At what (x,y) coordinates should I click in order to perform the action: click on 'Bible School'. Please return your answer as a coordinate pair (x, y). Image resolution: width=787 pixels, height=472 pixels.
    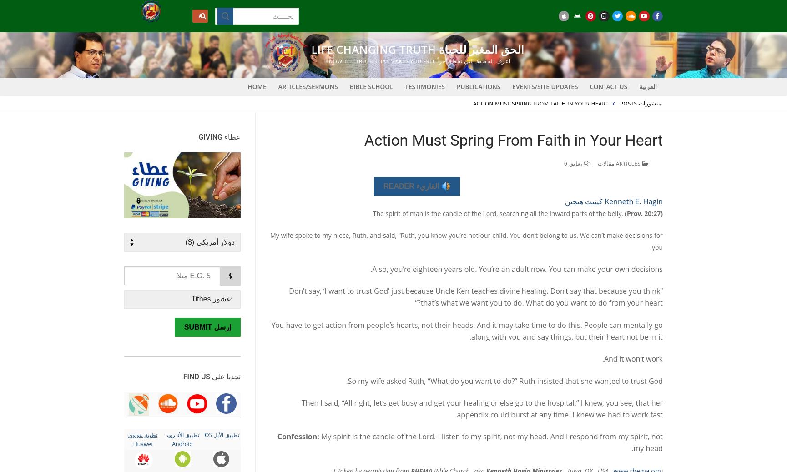
    Looking at the image, I should click on (371, 86).